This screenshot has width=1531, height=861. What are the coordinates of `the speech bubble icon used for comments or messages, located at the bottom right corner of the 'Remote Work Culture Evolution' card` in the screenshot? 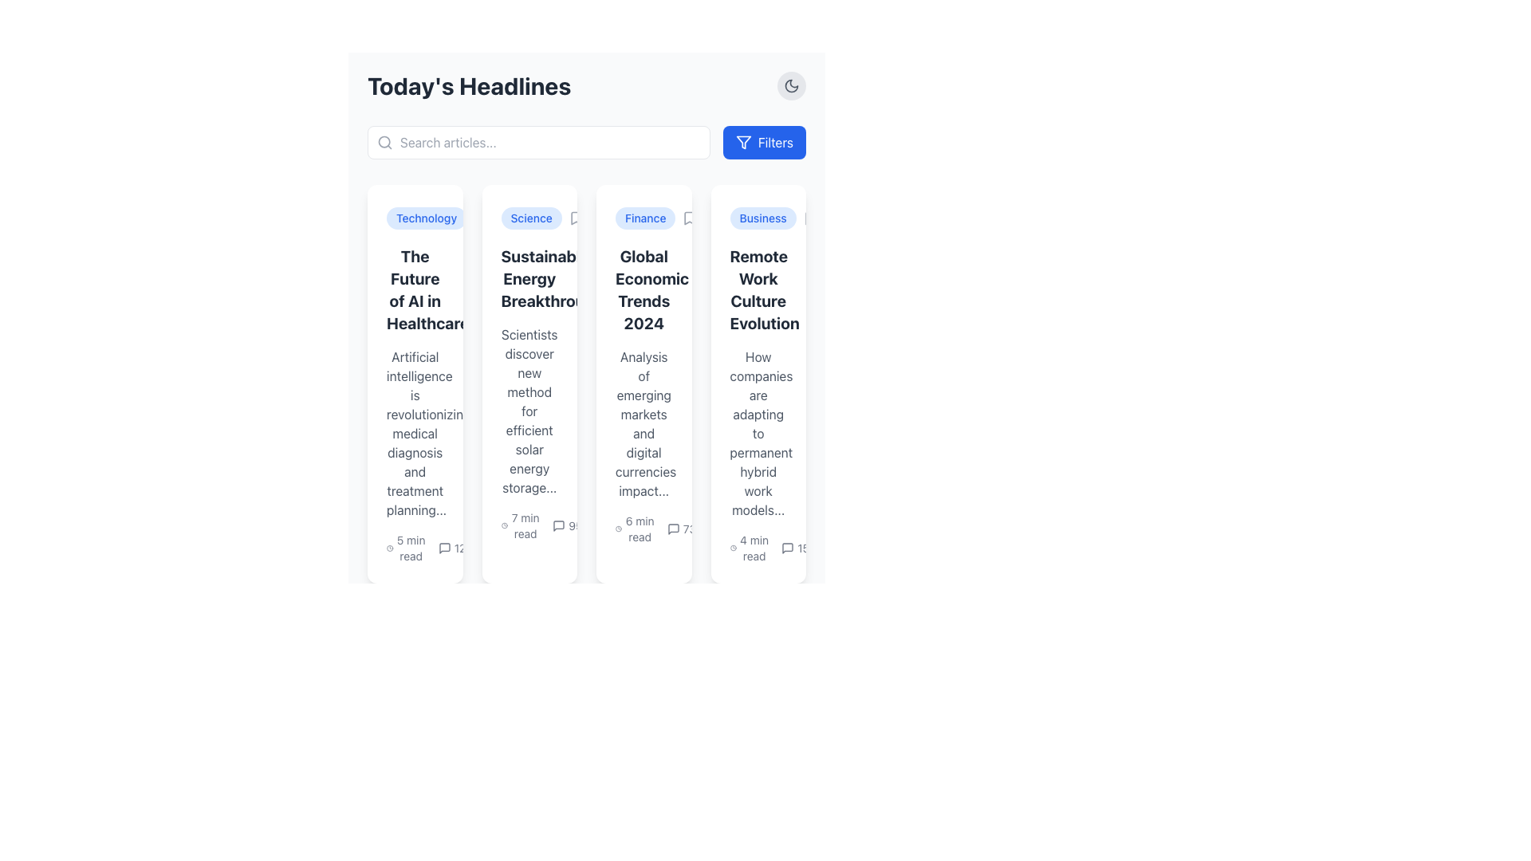 It's located at (788, 547).